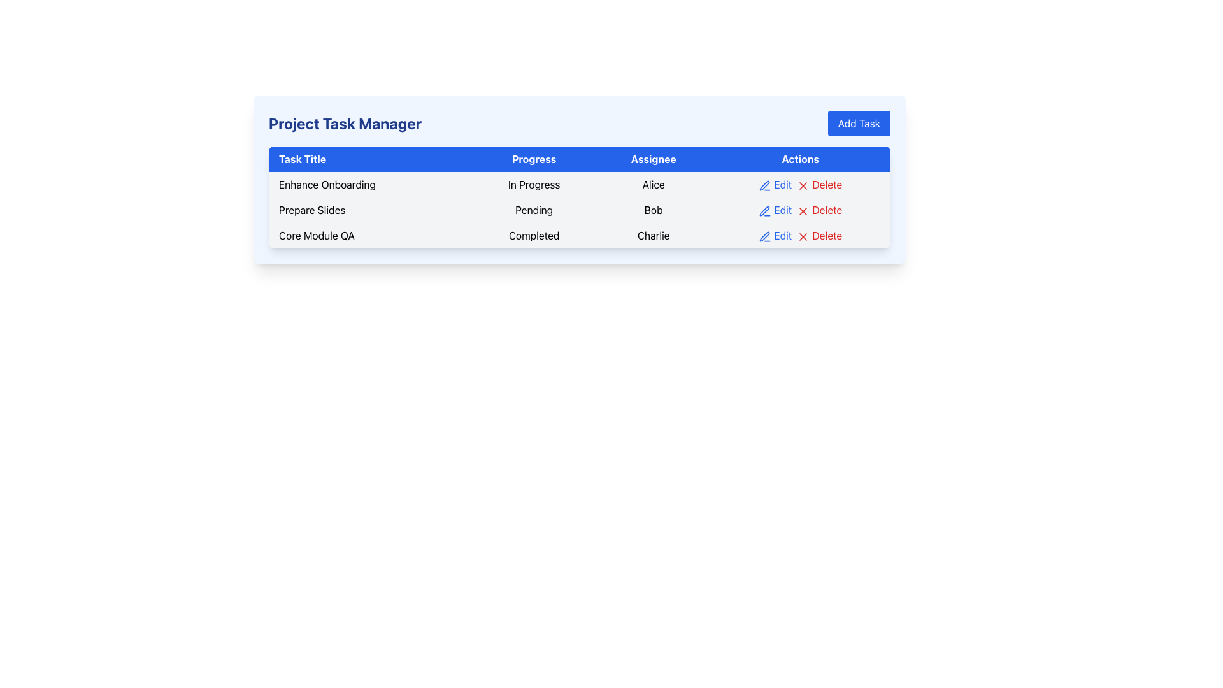  I want to click on the 'Edit' icon located in the 'Actions' column of the row for the task titled 'Prepare Slides', so click(764, 210).